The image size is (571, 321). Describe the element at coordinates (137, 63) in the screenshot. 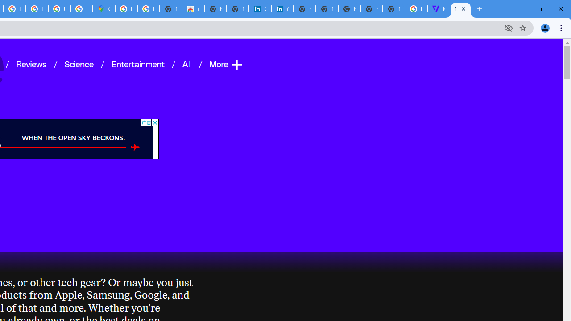

I see `'Entertainment'` at that location.